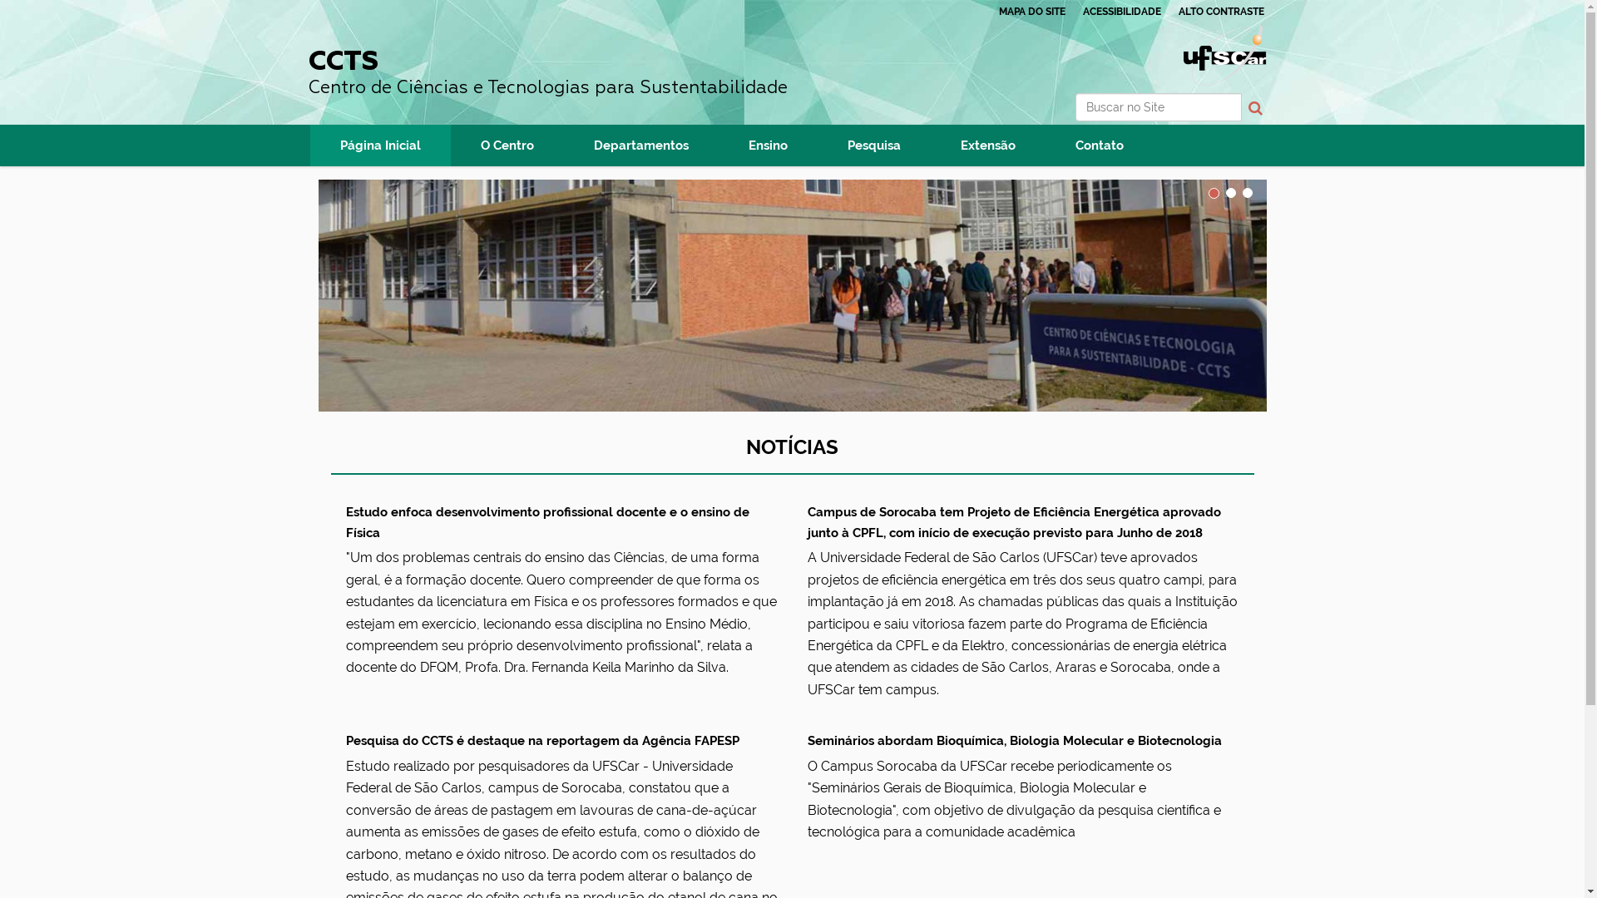  Describe the element at coordinates (506, 144) in the screenshot. I see `'O Centro'` at that location.